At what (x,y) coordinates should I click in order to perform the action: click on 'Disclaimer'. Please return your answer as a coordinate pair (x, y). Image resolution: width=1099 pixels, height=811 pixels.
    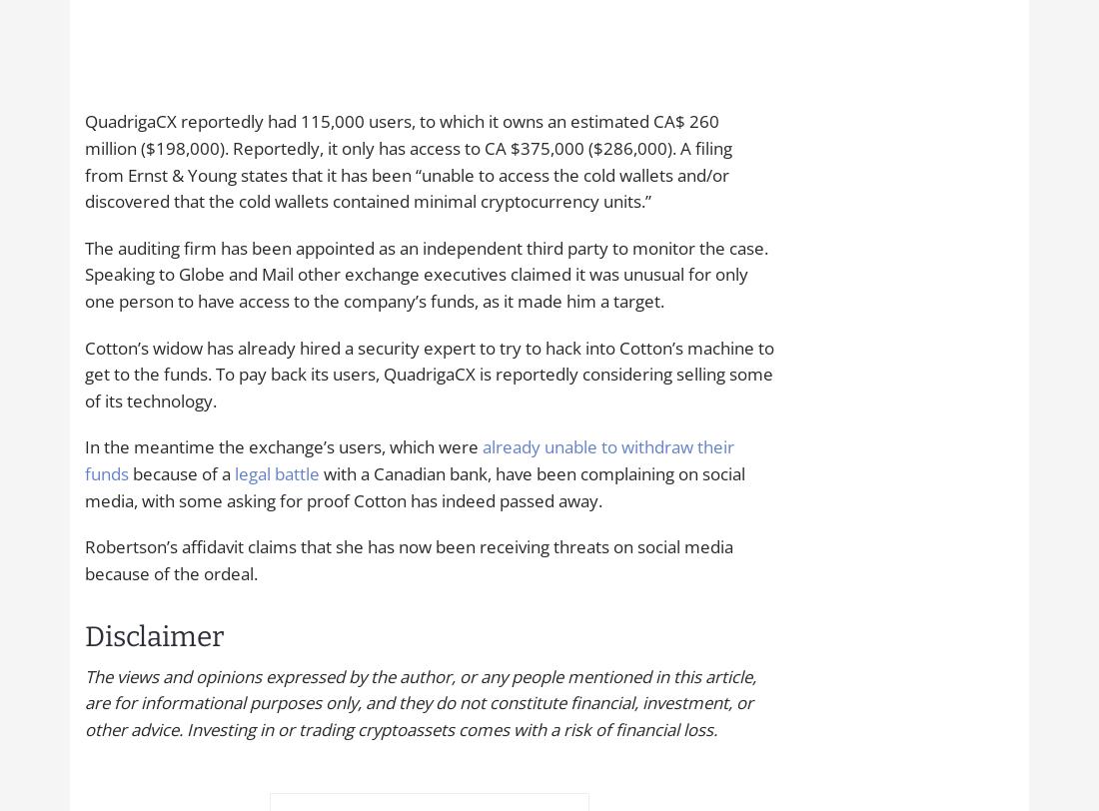
    Looking at the image, I should click on (153, 636).